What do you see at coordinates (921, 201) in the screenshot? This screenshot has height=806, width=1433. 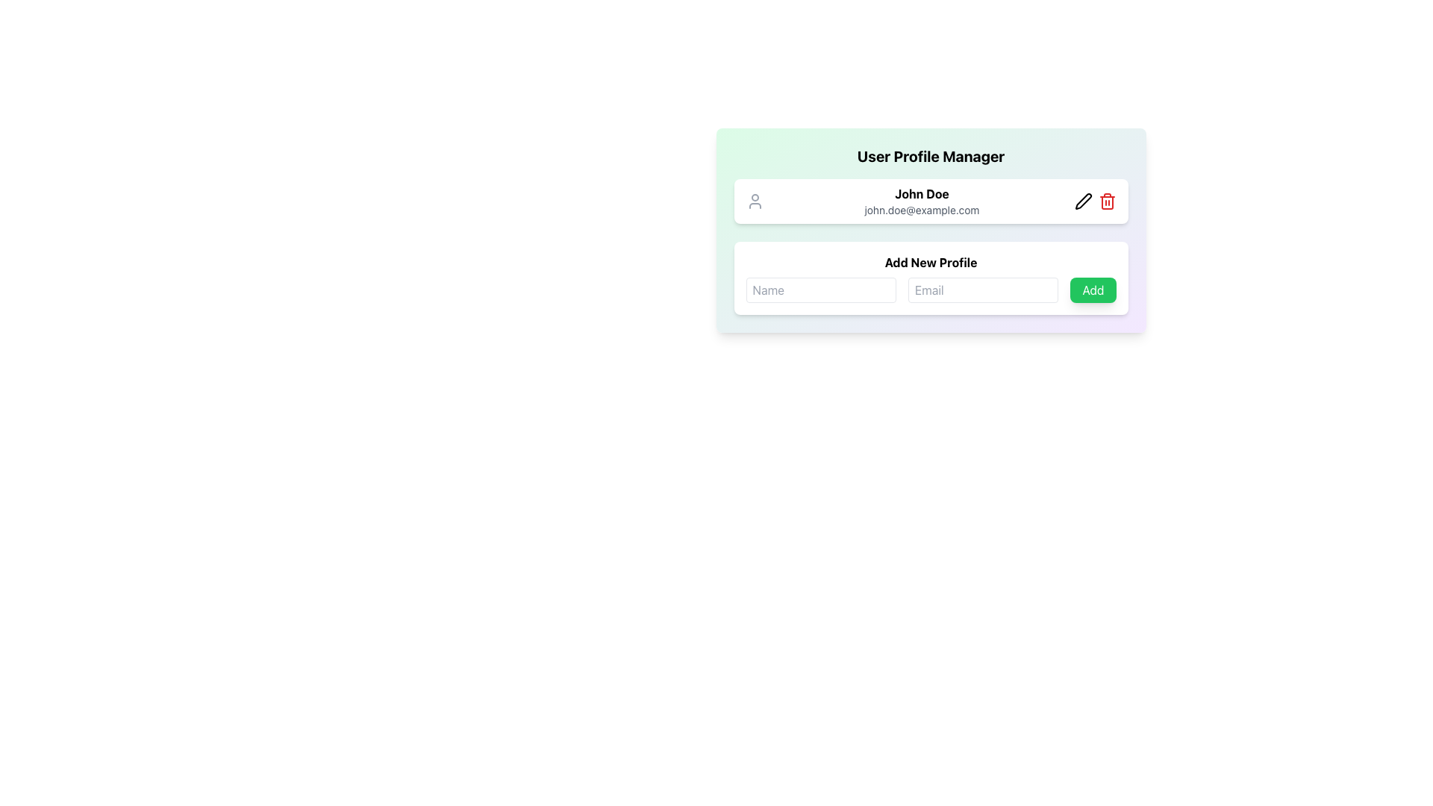 I see `displayed user information from the Text Display that shows the name 'John Doe' and the email 'john.doe@example.com'` at bounding box center [921, 201].